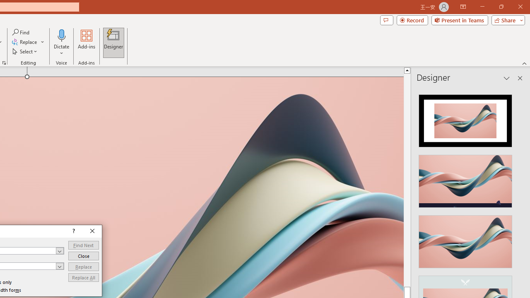 This screenshot has height=298, width=530. Describe the element at coordinates (84, 245) in the screenshot. I see `'Find Next'` at that location.